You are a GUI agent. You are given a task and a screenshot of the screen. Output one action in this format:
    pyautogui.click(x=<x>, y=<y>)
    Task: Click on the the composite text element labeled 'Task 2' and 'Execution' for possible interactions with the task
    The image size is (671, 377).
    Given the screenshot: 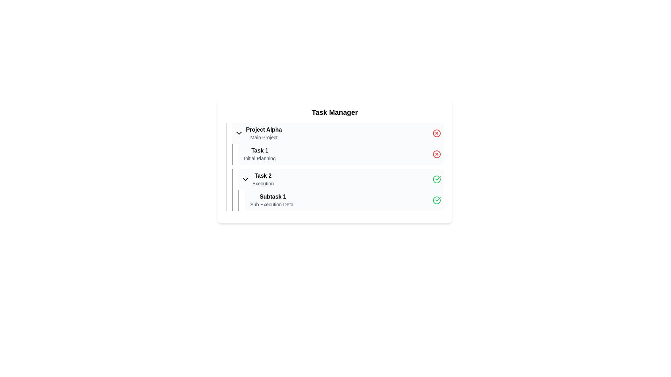 What is the action you would take?
    pyautogui.click(x=262, y=179)
    